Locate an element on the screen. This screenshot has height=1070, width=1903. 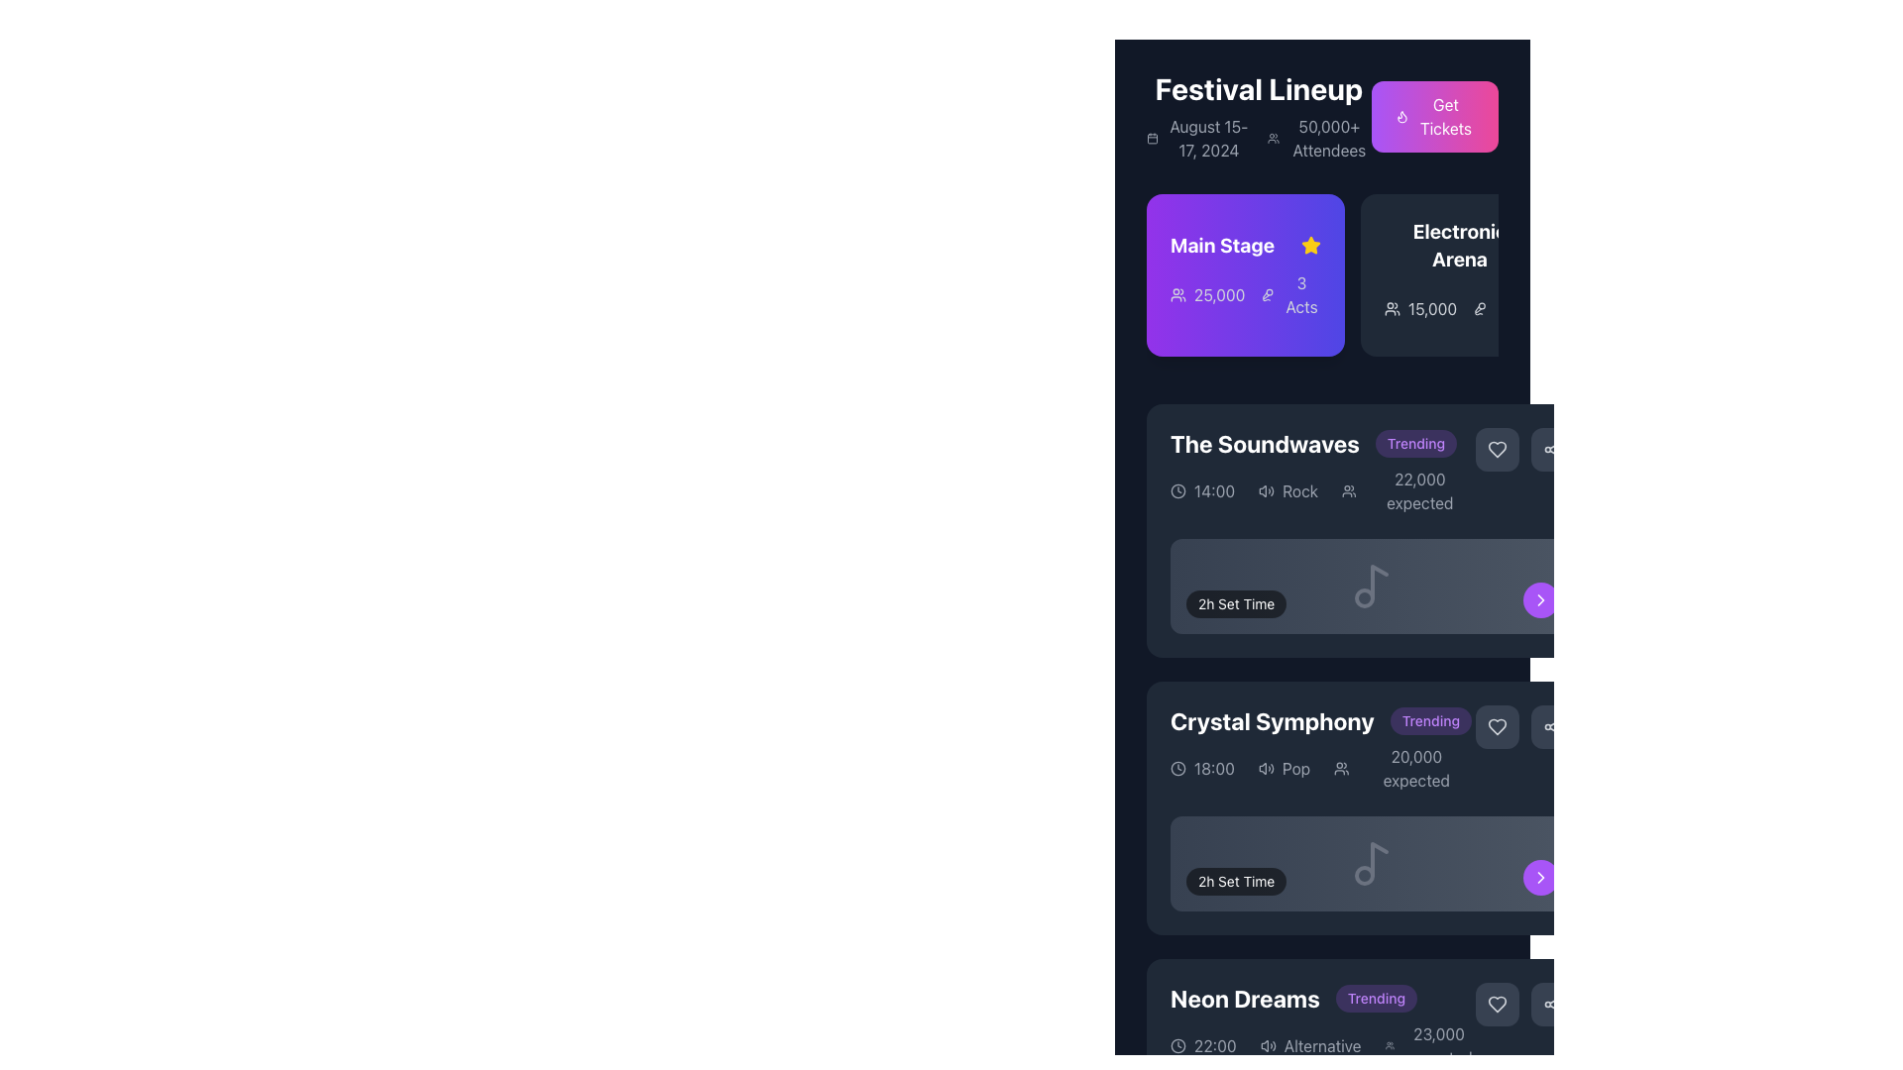
the gray circular element that is part of the SVG music note icon located in the 'Crystal Symphony' section is located at coordinates (1364, 874).